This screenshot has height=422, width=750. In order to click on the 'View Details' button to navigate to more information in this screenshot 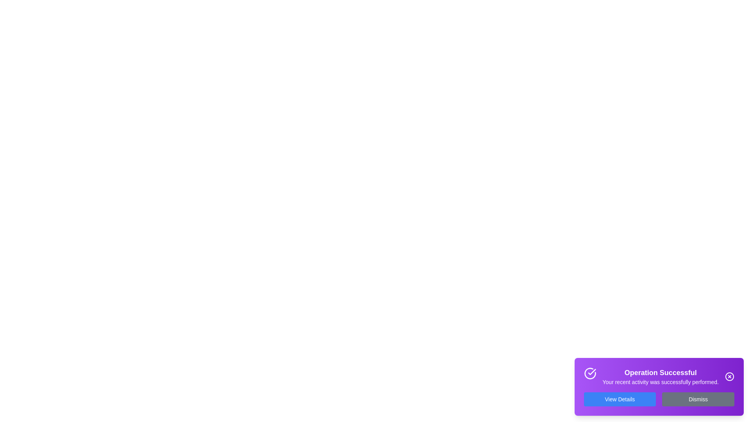, I will do `click(619, 399)`.